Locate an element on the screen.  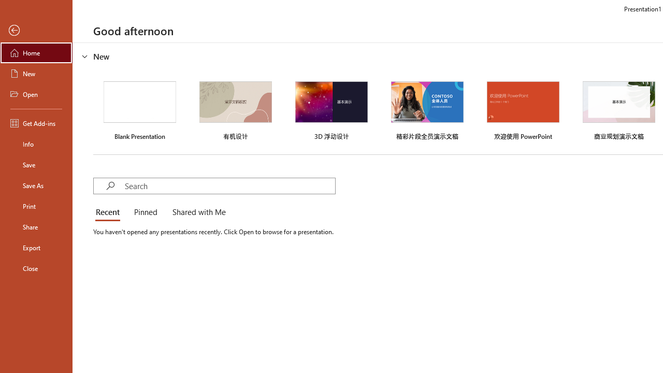
'Get Add-ins' is located at coordinates (36, 122).